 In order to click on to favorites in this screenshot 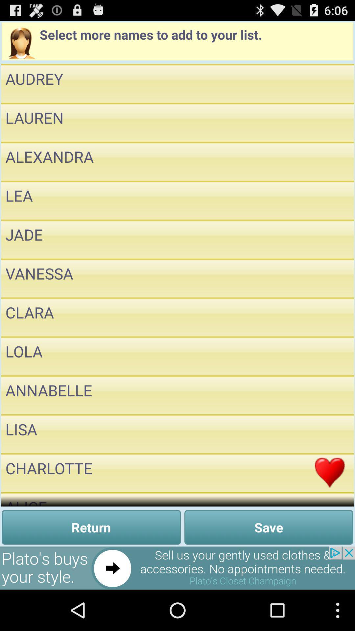, I will do `click(330, 239)`.